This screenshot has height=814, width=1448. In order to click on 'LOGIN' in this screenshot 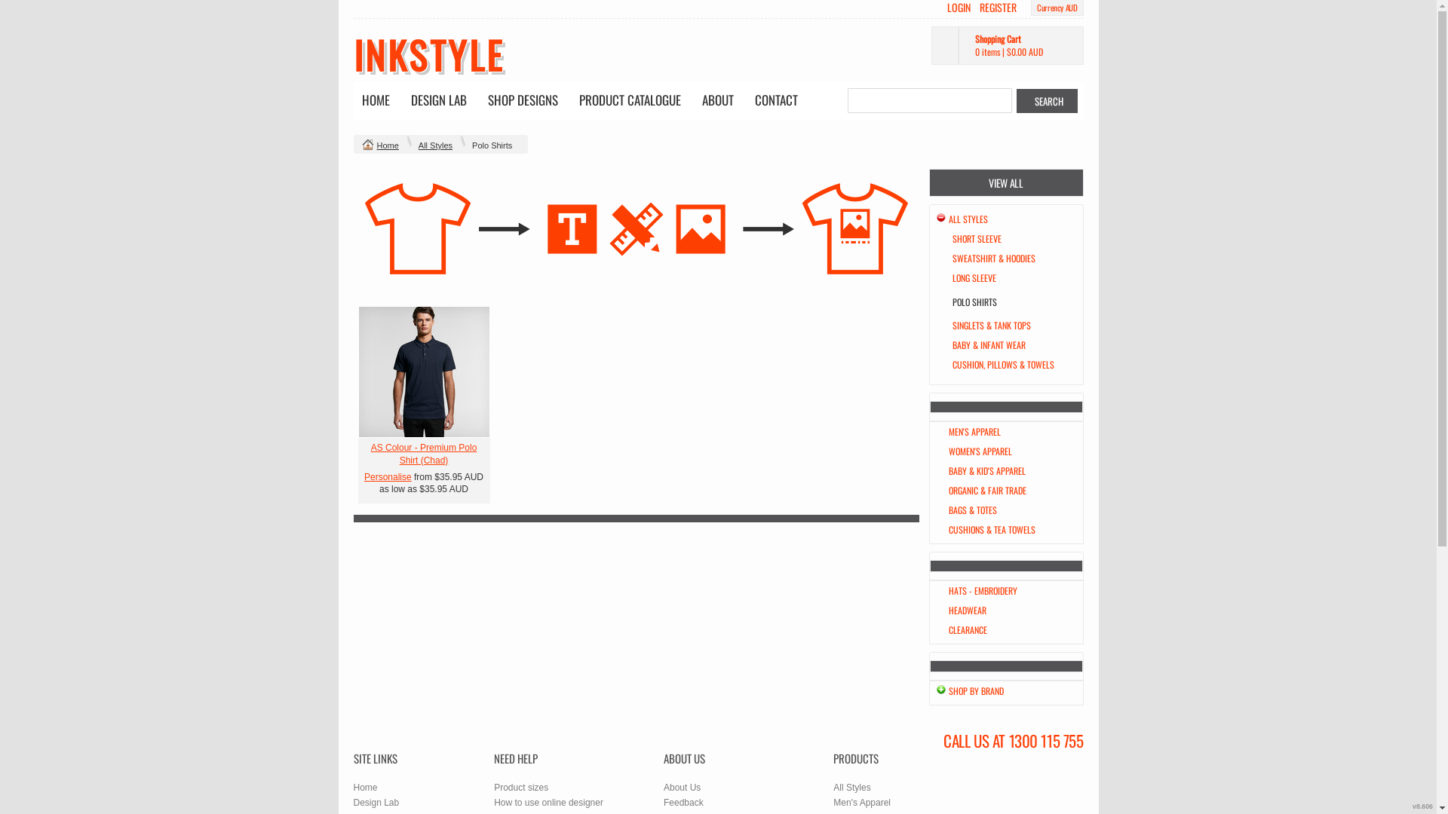, I will do `click(958, 8)`.